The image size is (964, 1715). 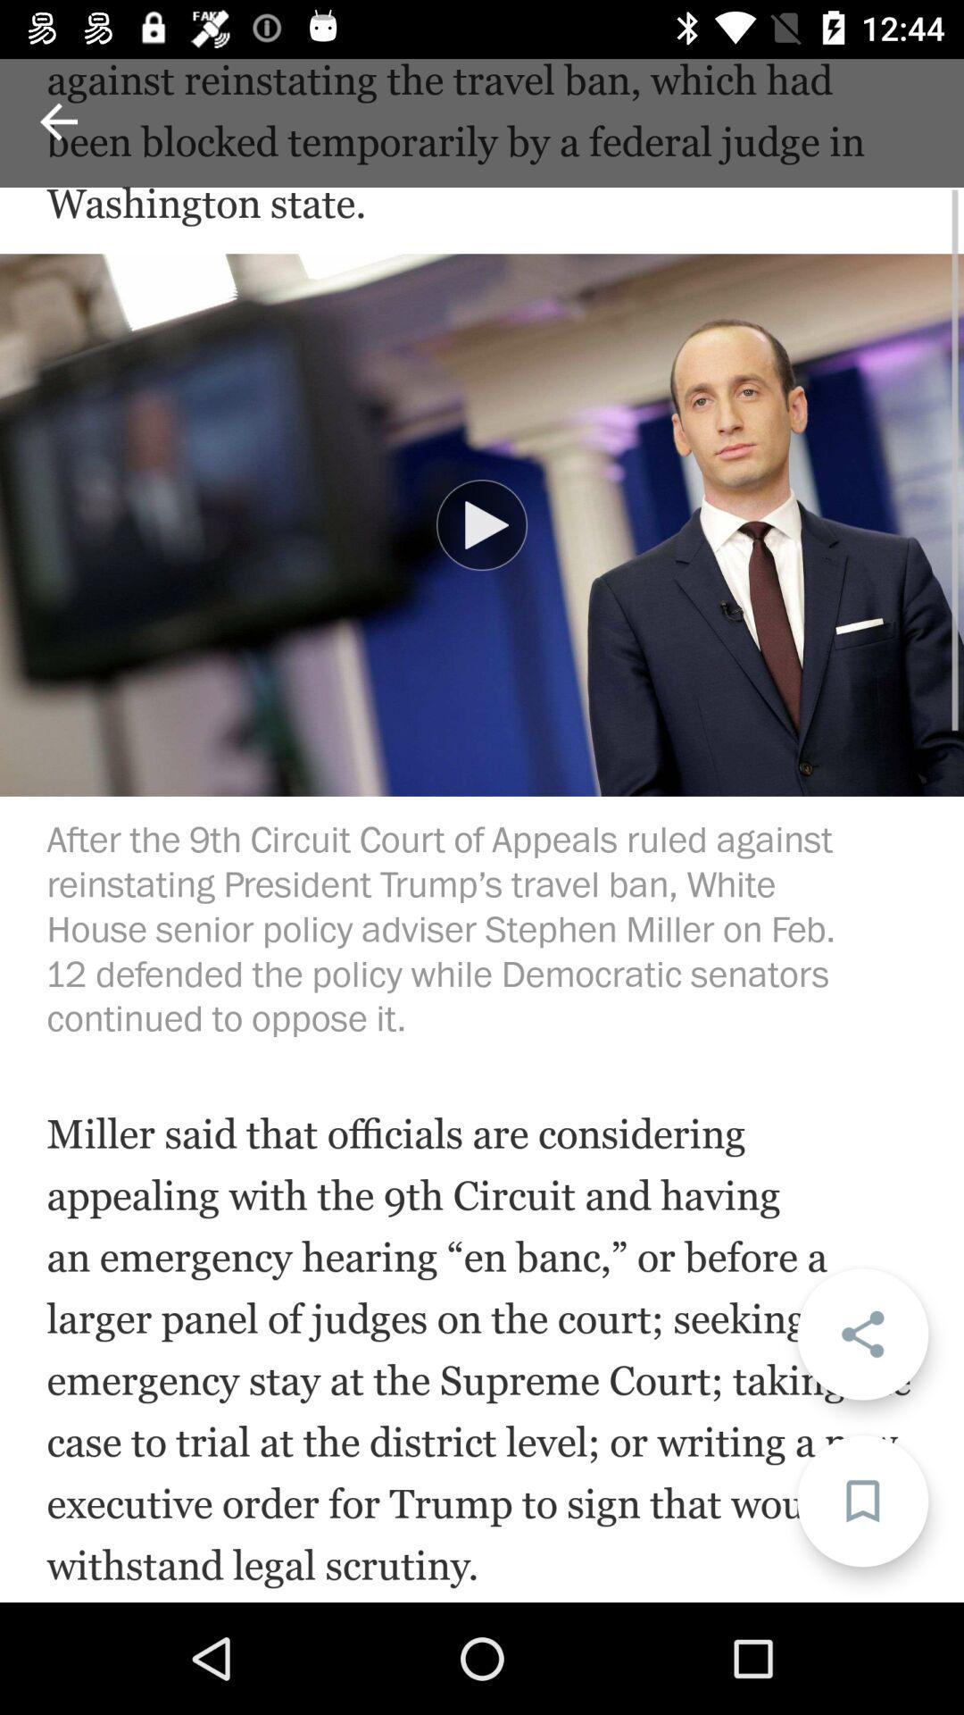 What do you see at coordinates (861, 1334) in the screenshot?
I see `the app below the after the 9th icon` at bounding box center [861, 1334].